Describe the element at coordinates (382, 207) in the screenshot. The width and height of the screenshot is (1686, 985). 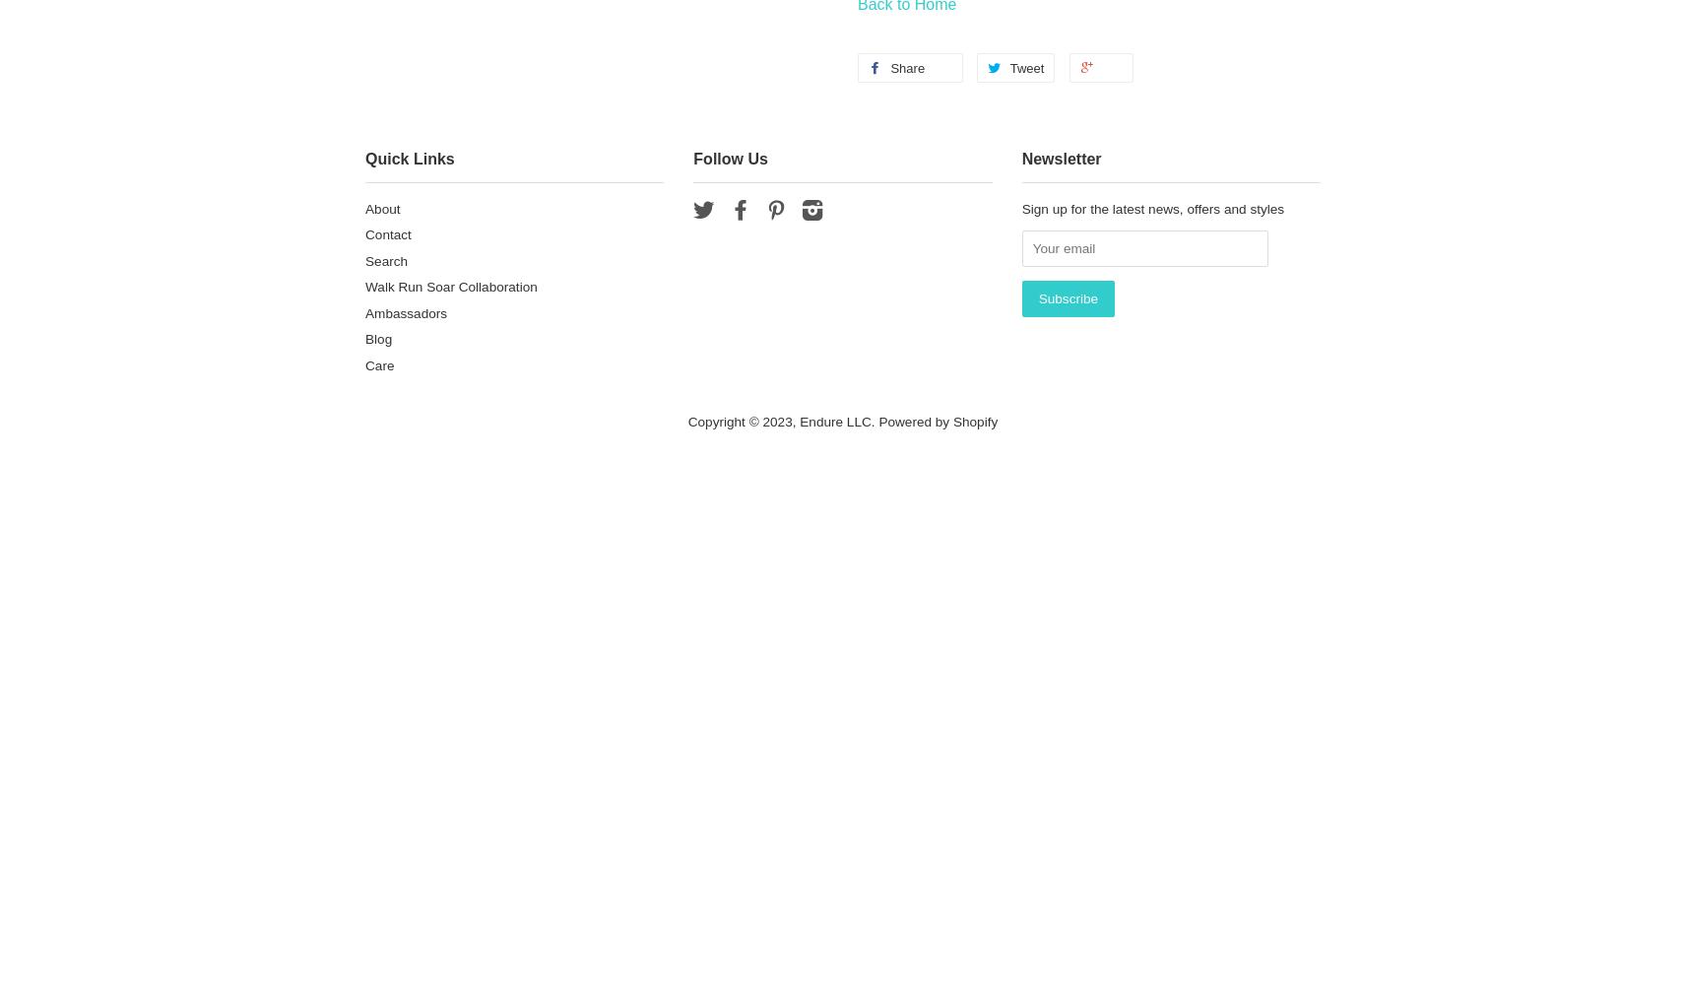
I see `'About'` at that location.